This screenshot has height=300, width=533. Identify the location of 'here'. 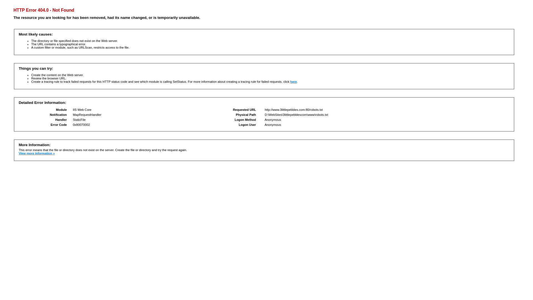
(293, 81).